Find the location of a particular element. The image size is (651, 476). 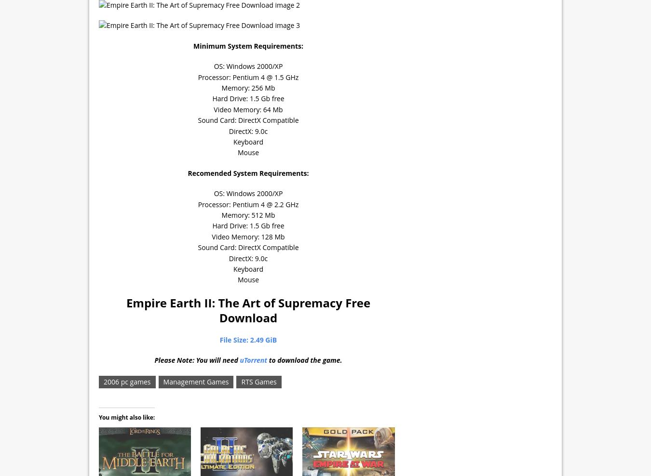

'Processor: Pentium 4 @ 2.2 GHz' is located at coordinates (247, 203).